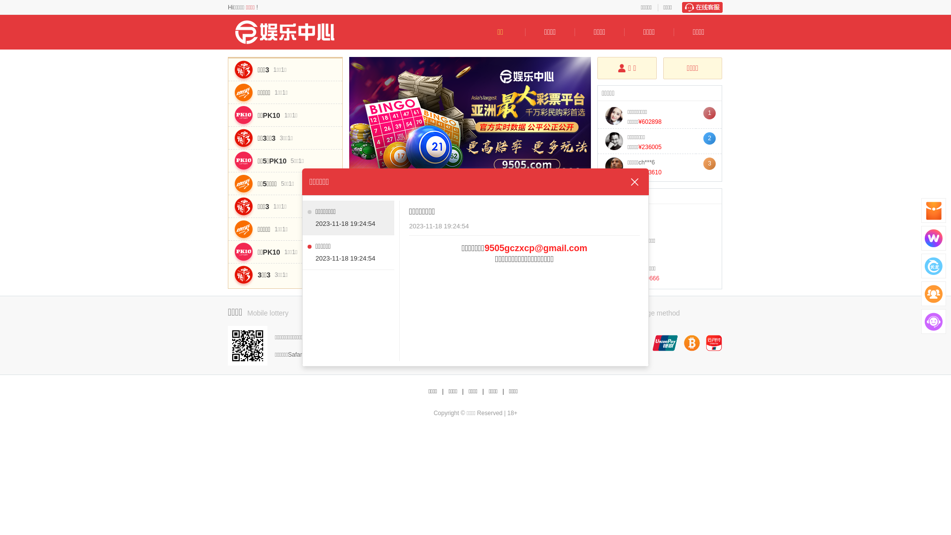  I want to click on '|', so click(483, 391).